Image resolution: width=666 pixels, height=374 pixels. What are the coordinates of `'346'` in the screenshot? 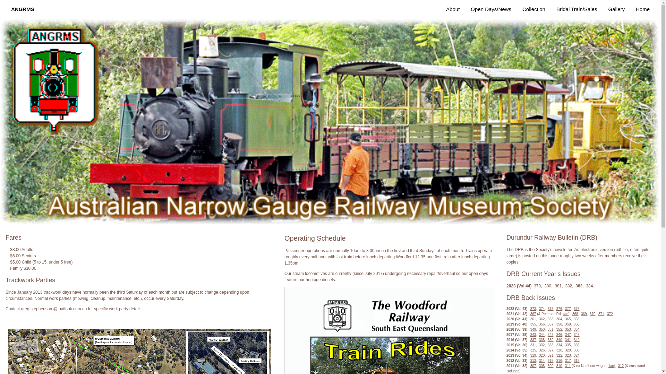 It's located at (559, 334).